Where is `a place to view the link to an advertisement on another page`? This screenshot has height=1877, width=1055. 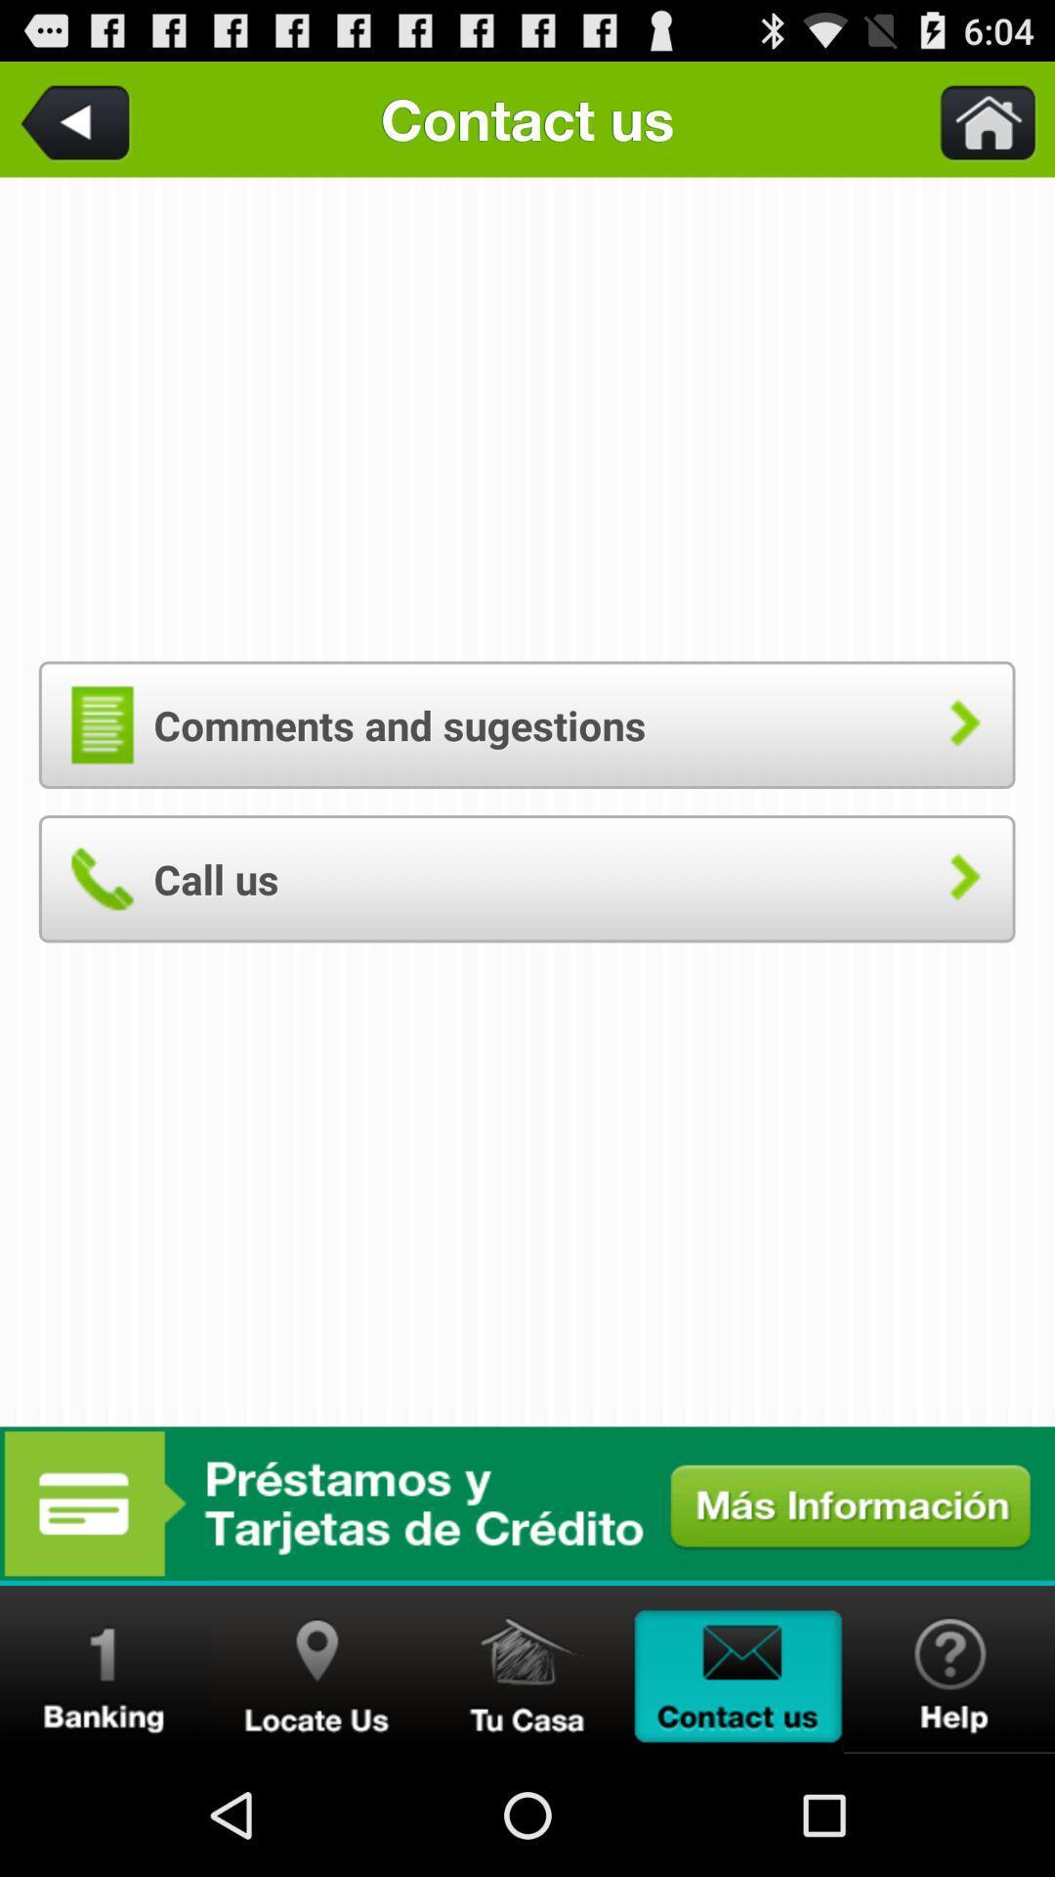
a place to view the link to an advertisement on another page is located at coordinates (527, 1503).